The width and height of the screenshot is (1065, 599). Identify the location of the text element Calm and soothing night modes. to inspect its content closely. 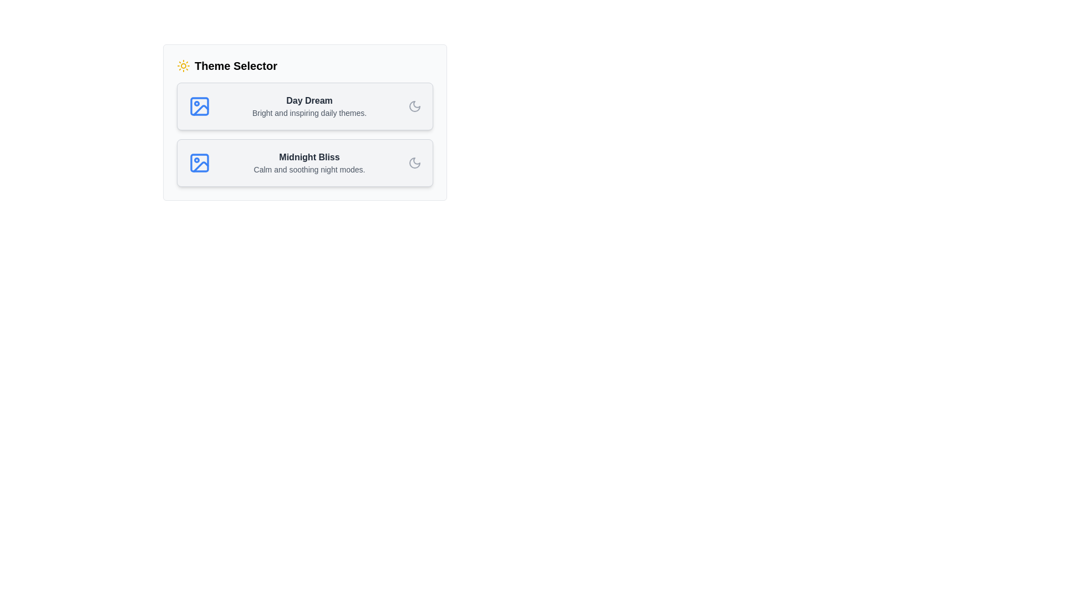
(309, 169).